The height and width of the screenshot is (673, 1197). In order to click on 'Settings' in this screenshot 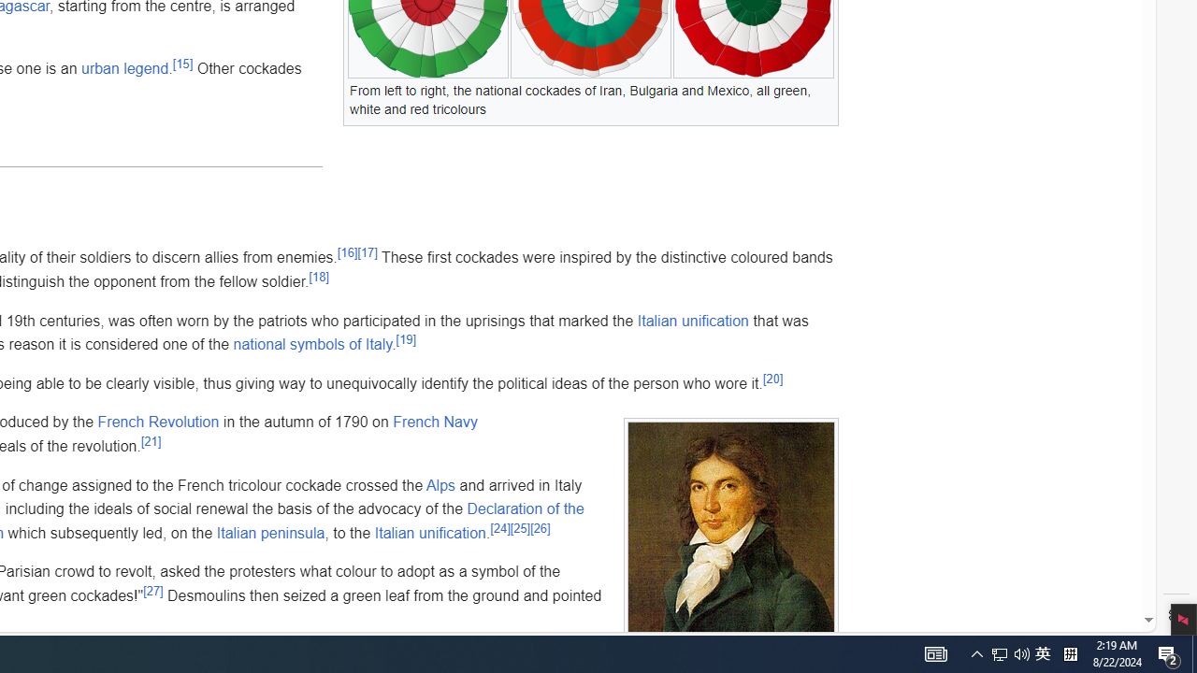, I will do `click(1175, 615)`.